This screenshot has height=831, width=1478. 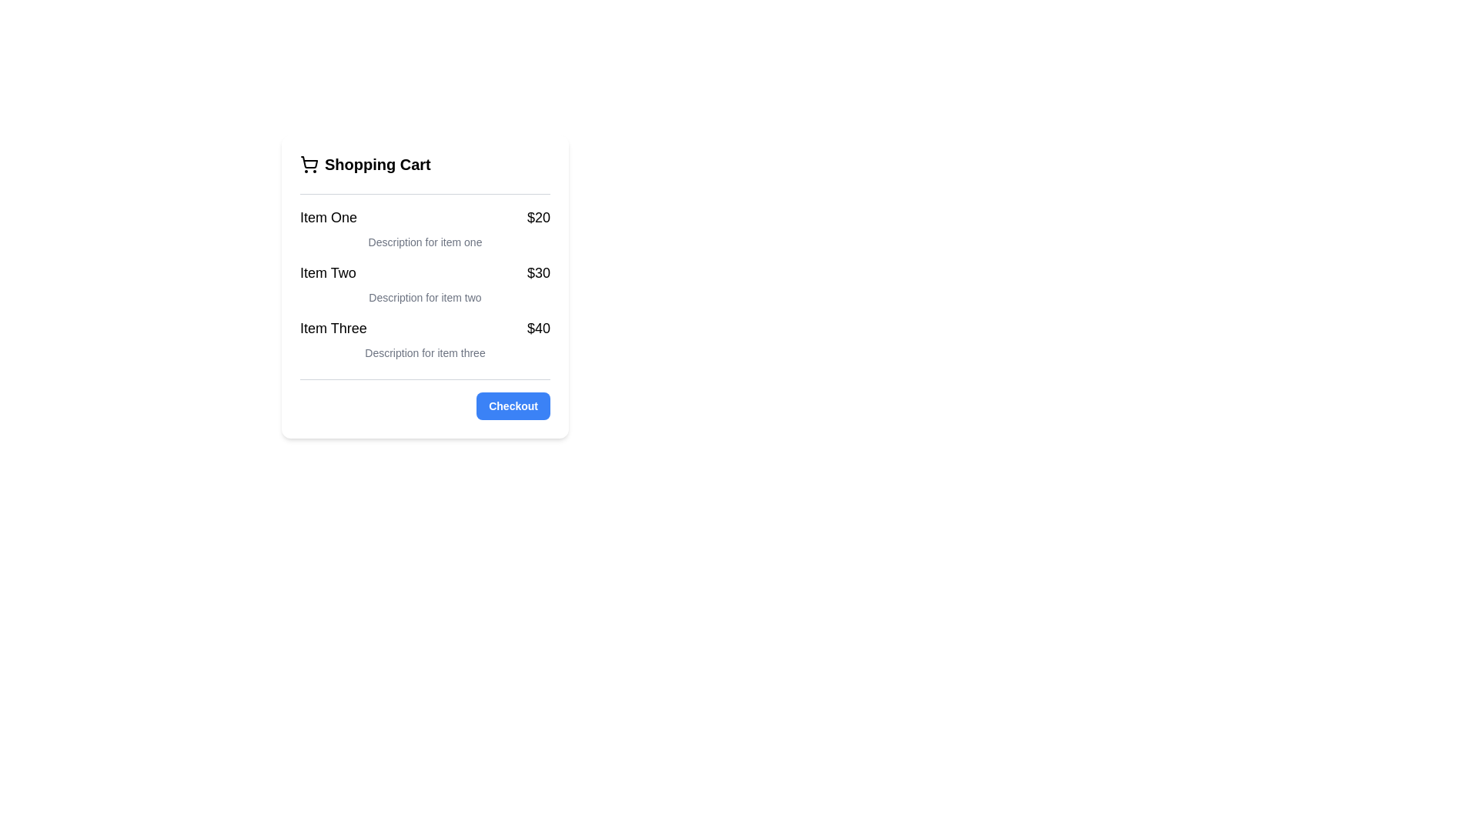 I want to click on the price text label for 'Item Three' in the shopping cart interface, which is positioned to the right of the item title, so click(x=539, y=328).